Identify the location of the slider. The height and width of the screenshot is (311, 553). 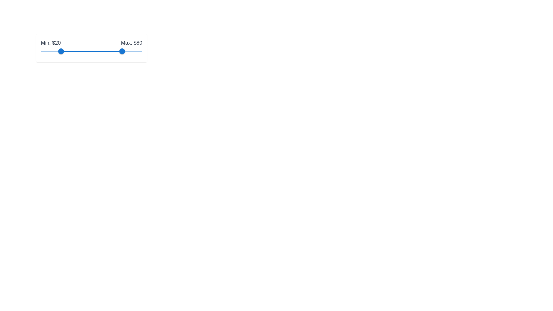
(124, 51).